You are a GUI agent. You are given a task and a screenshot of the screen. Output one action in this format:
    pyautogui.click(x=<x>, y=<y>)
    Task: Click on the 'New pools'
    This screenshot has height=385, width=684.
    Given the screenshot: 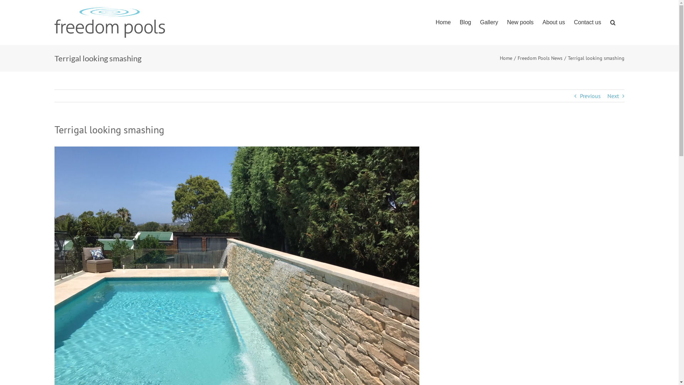 What is the action you would take?
    pyautogui.click(x=506, y=22)
    